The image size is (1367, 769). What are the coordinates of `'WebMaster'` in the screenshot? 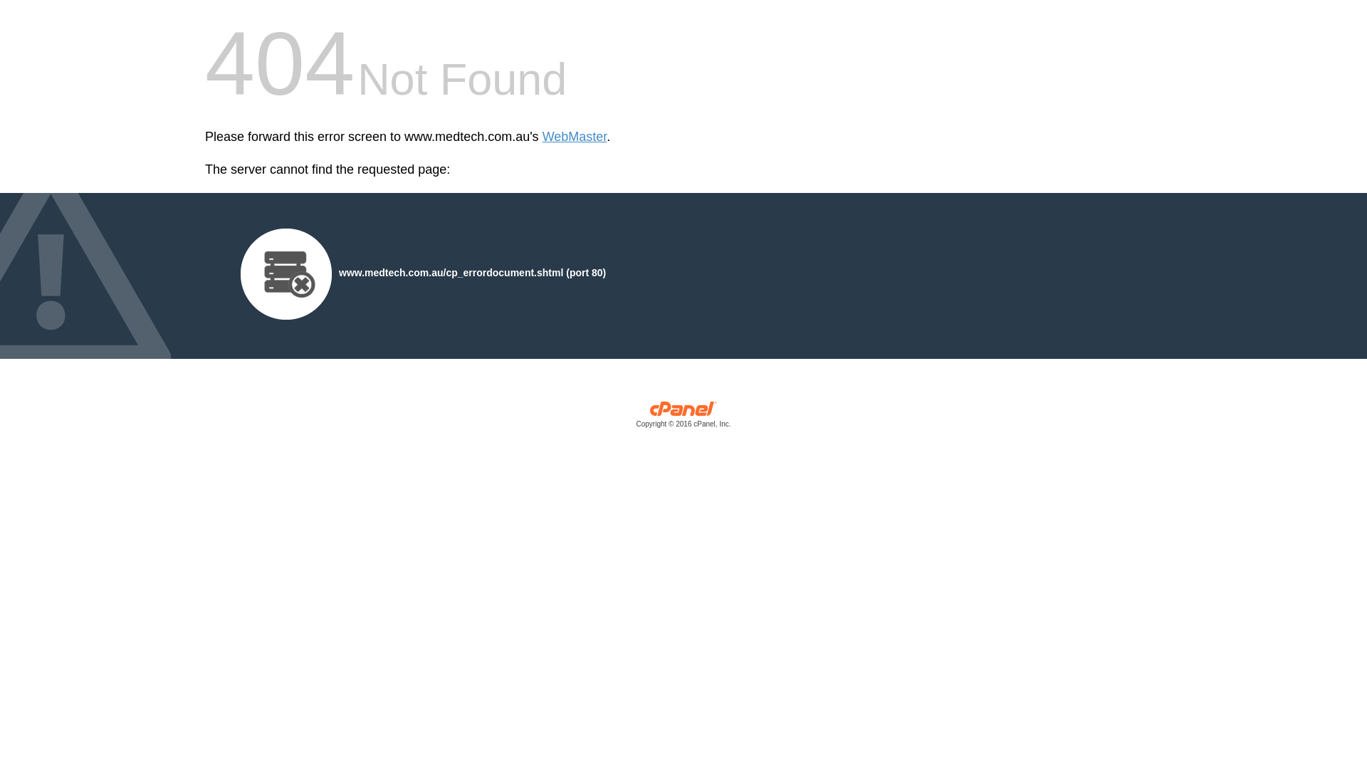 It's located at (542, 137).